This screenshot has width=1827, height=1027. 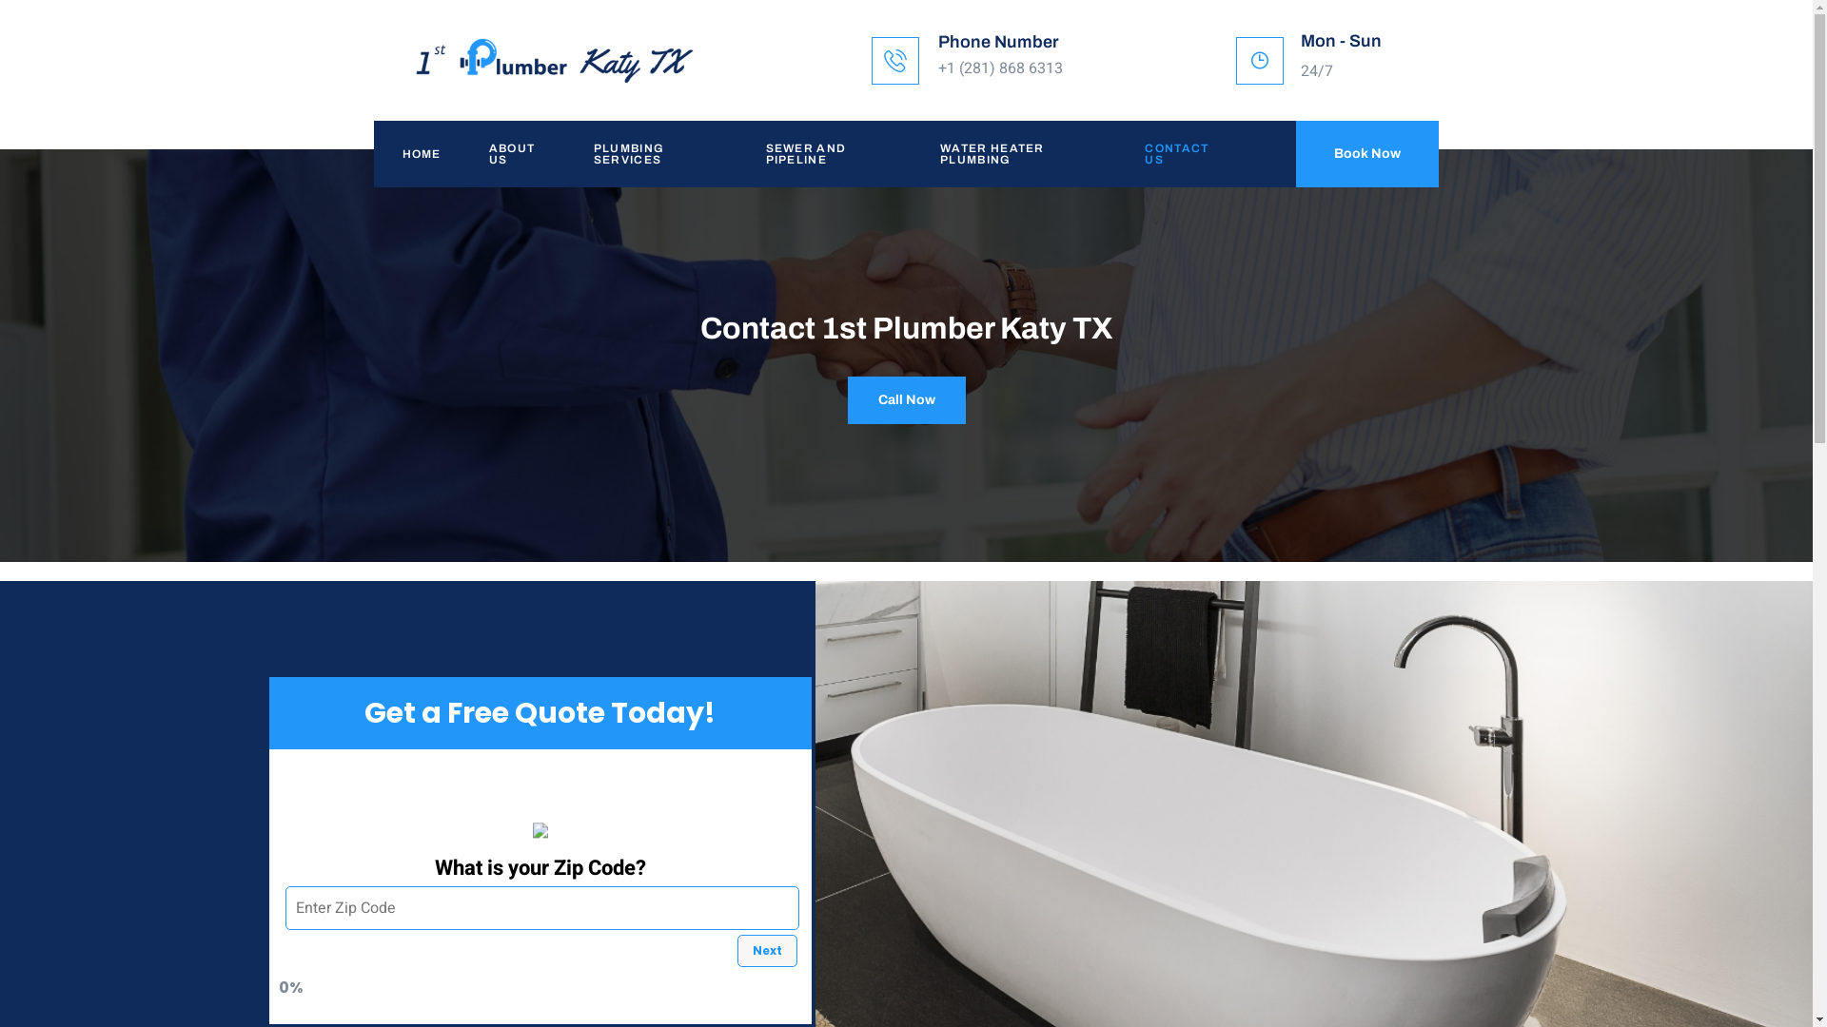 I want to click on 'Next', so click(x=735, y=950).